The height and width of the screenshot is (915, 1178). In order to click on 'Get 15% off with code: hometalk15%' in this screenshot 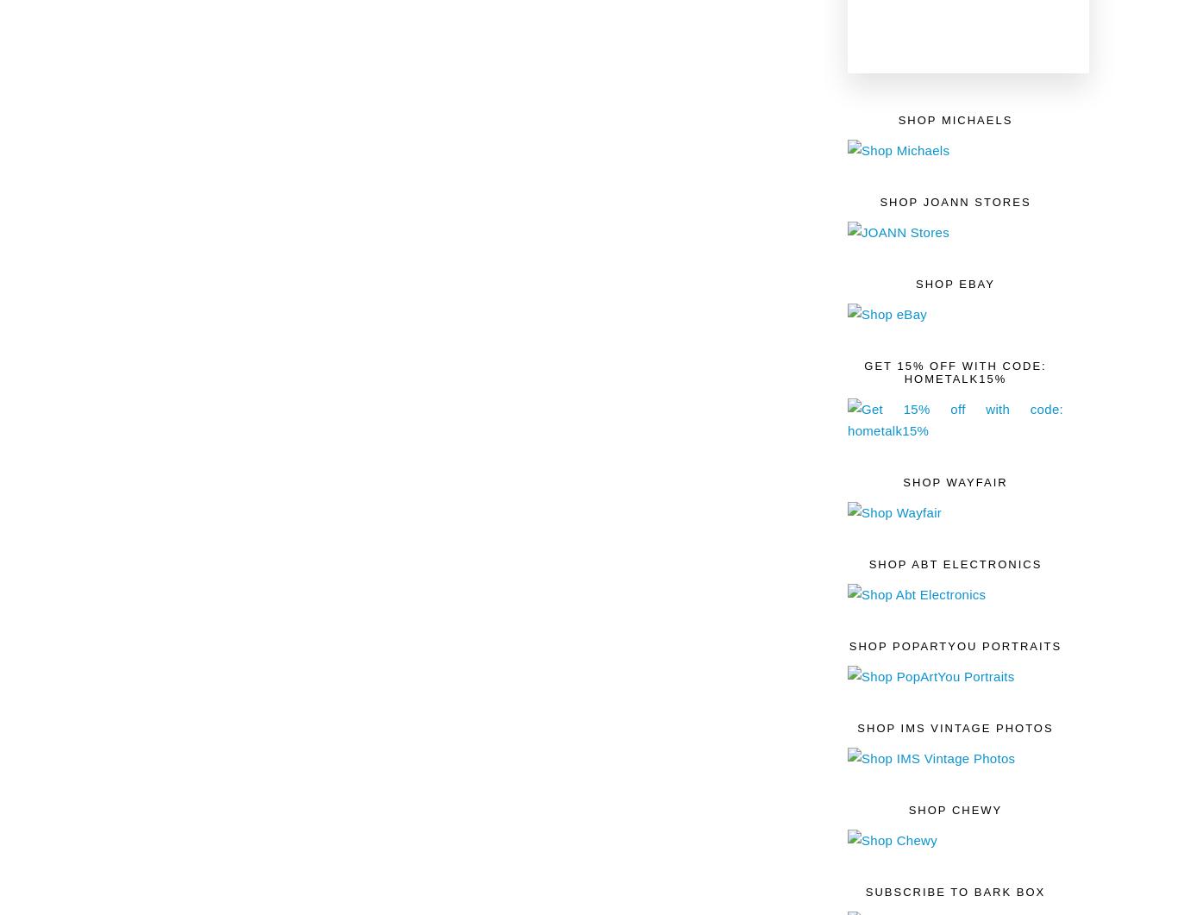, I will do `click(954, 371)`.